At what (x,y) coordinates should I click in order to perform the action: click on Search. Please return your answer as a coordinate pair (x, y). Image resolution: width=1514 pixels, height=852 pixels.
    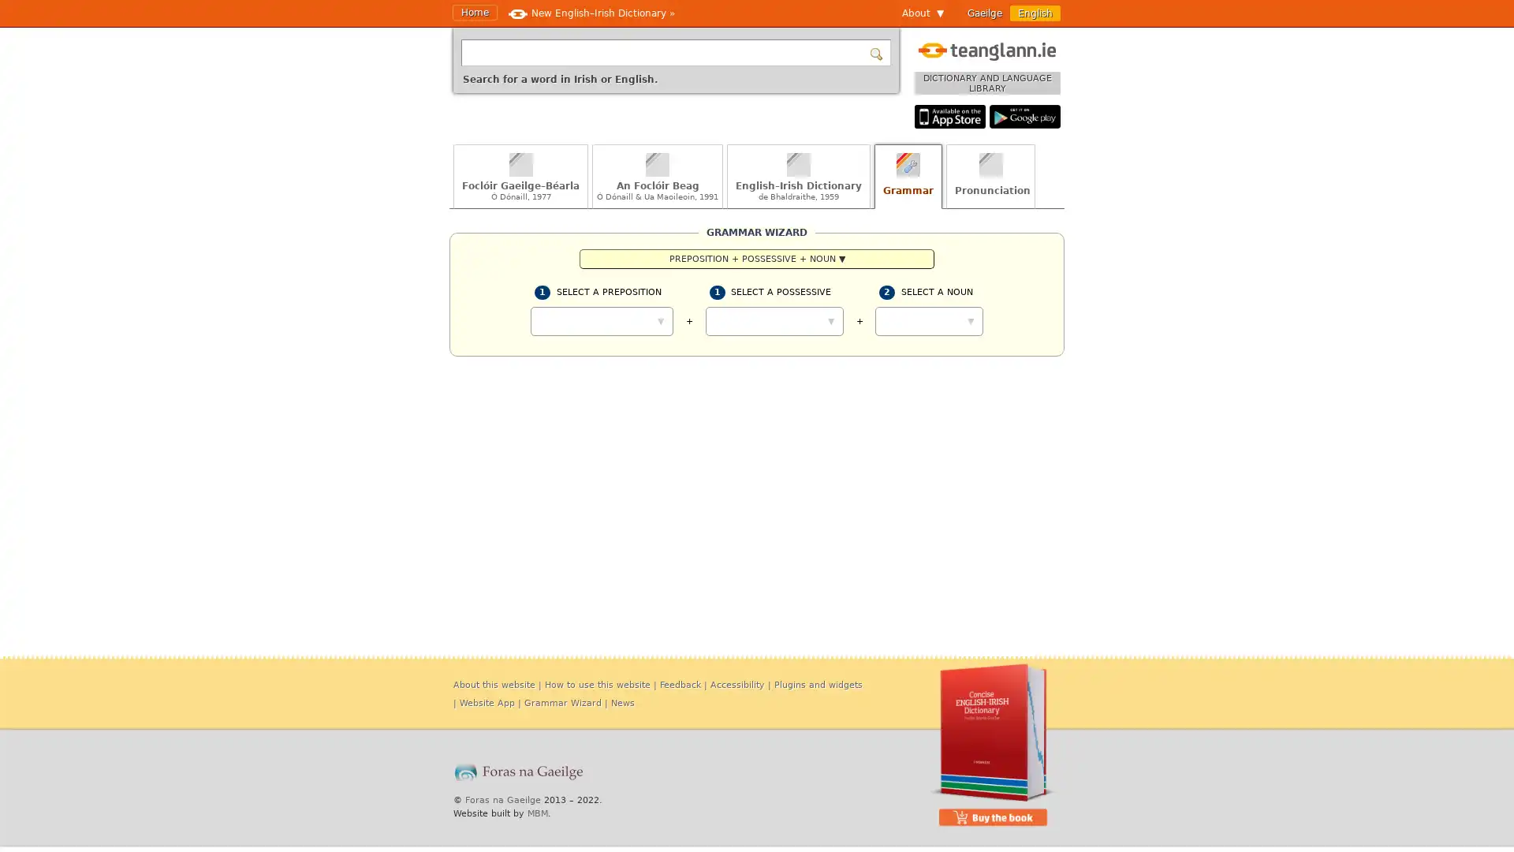
    Looking at the image, I should click on (877, 51).